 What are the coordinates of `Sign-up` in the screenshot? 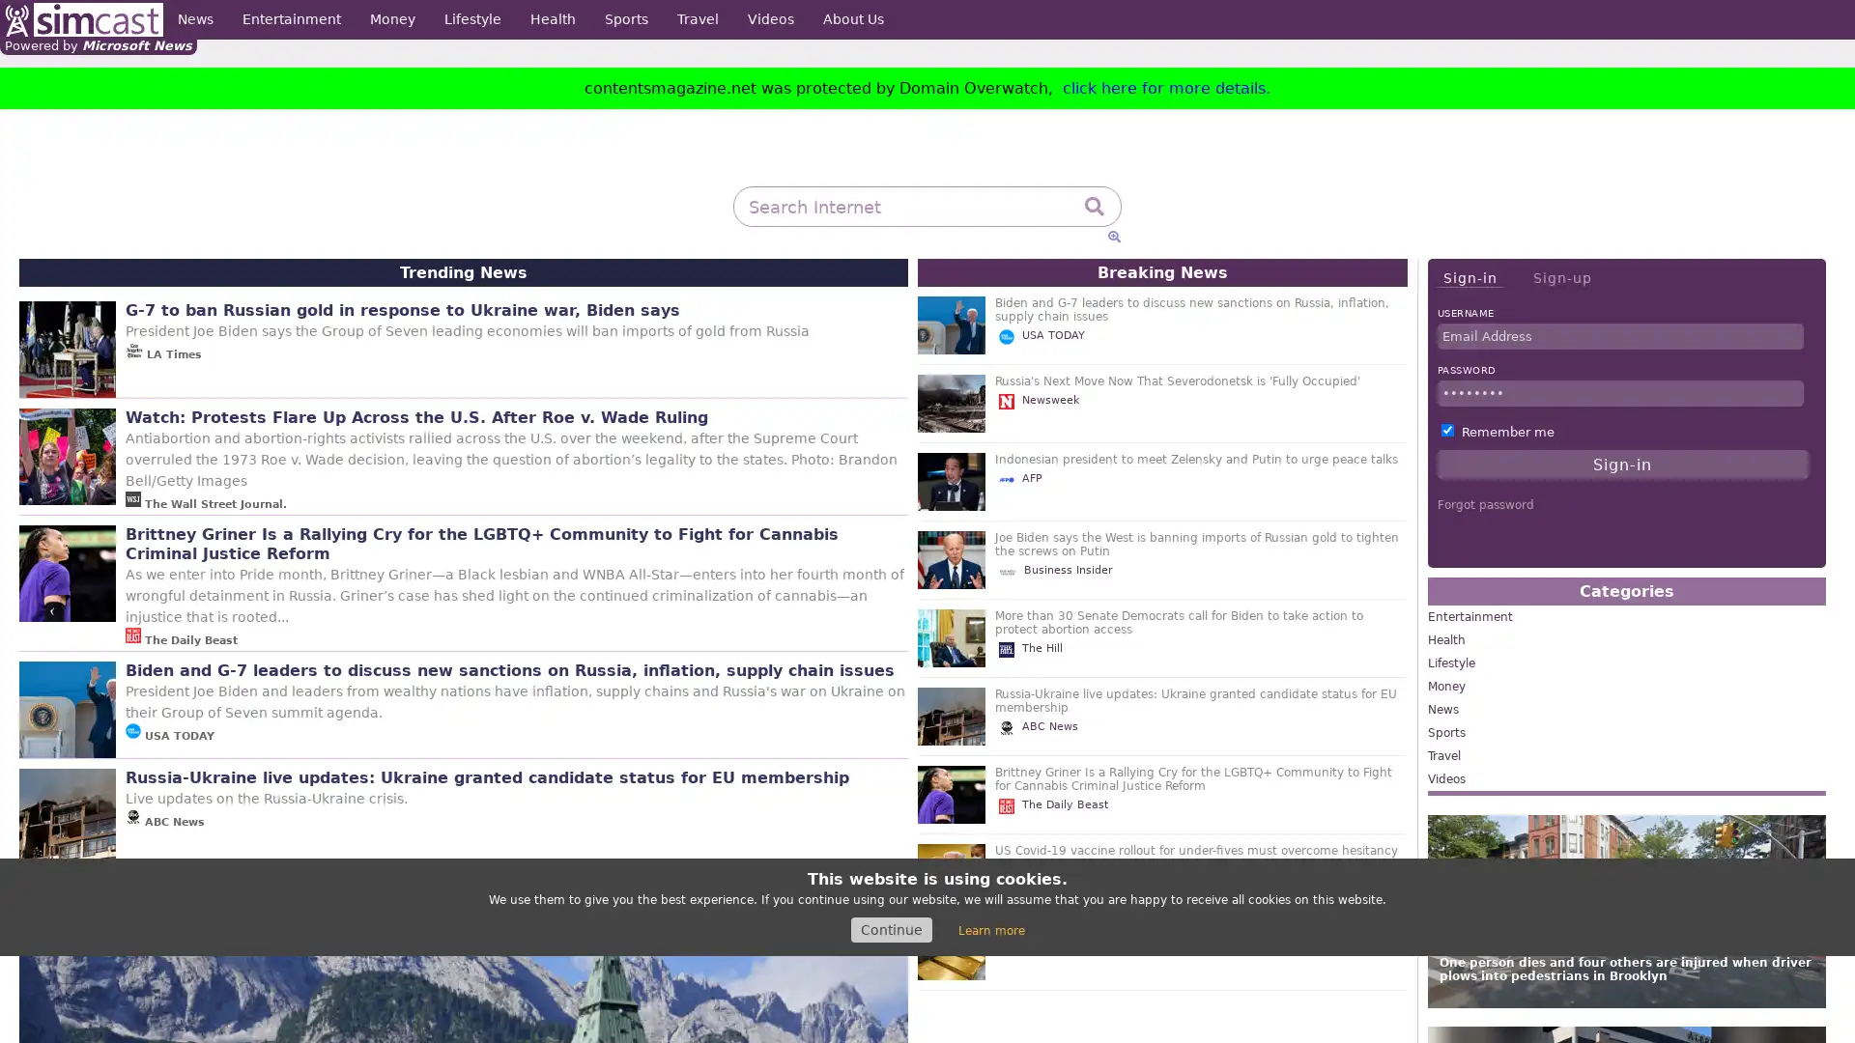 It's located at (1561, 278).